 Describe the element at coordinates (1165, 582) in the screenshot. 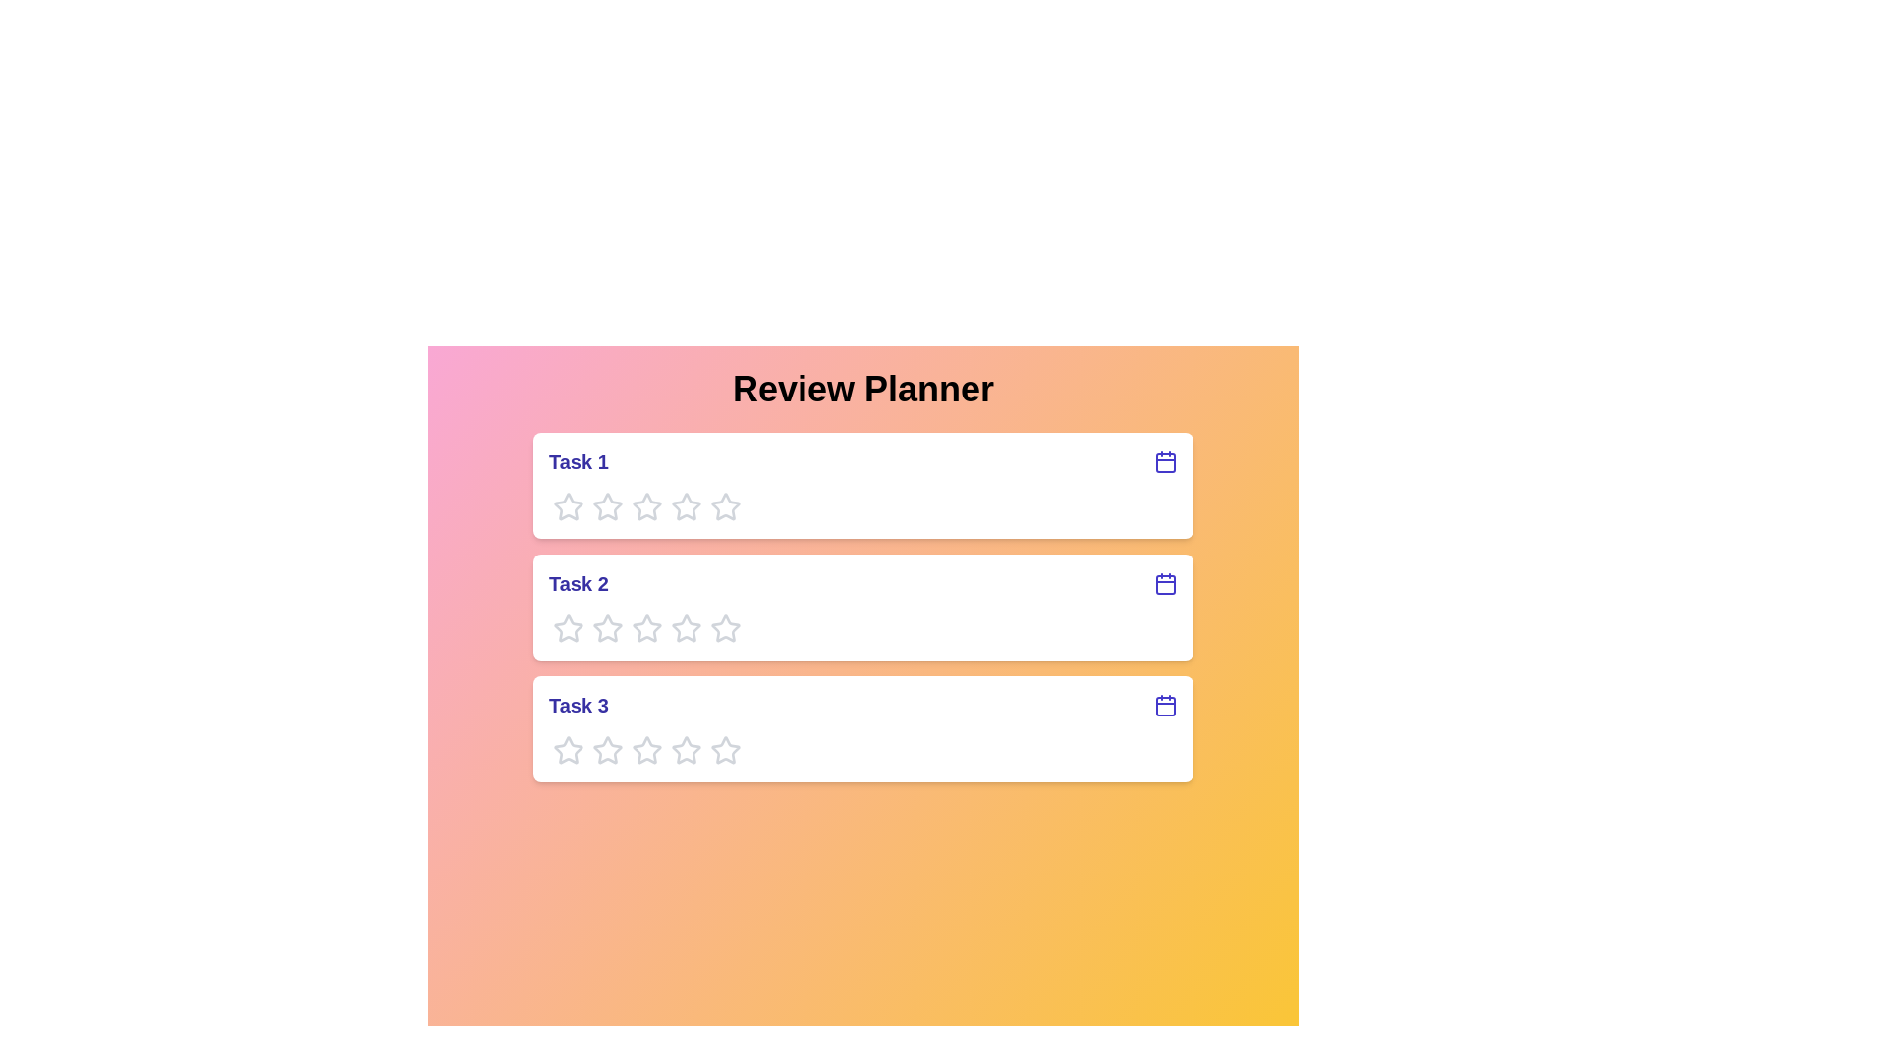

I see `the calendar icon for Task 2` at that location.